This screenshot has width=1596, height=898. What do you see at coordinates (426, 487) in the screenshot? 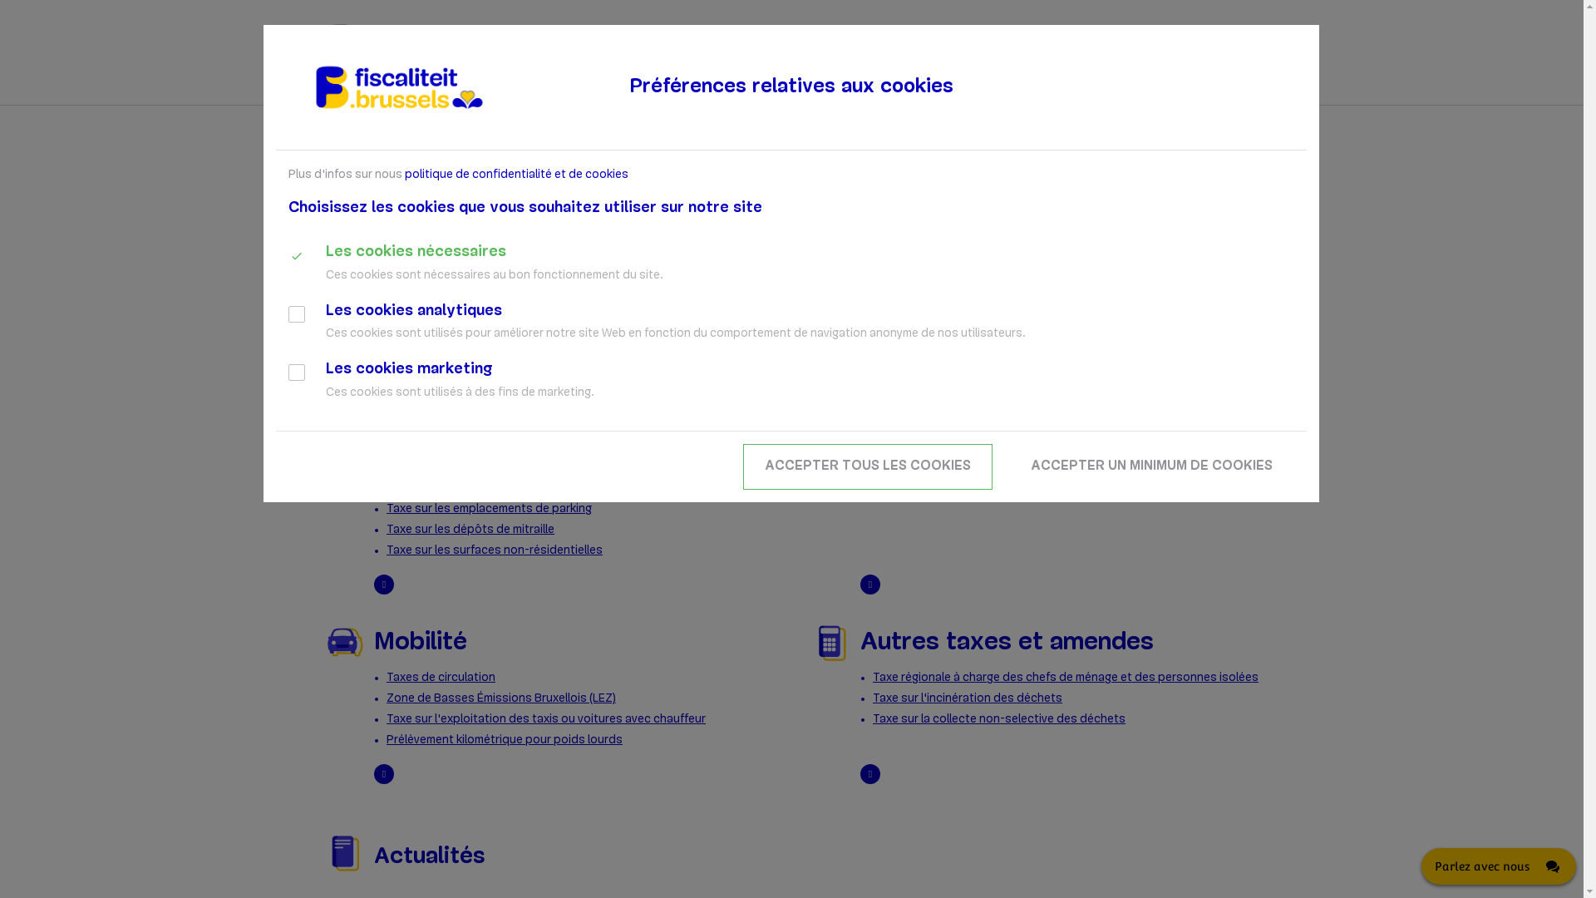
I see `'Prime BE HOME'` at bounding box center [426, 487].